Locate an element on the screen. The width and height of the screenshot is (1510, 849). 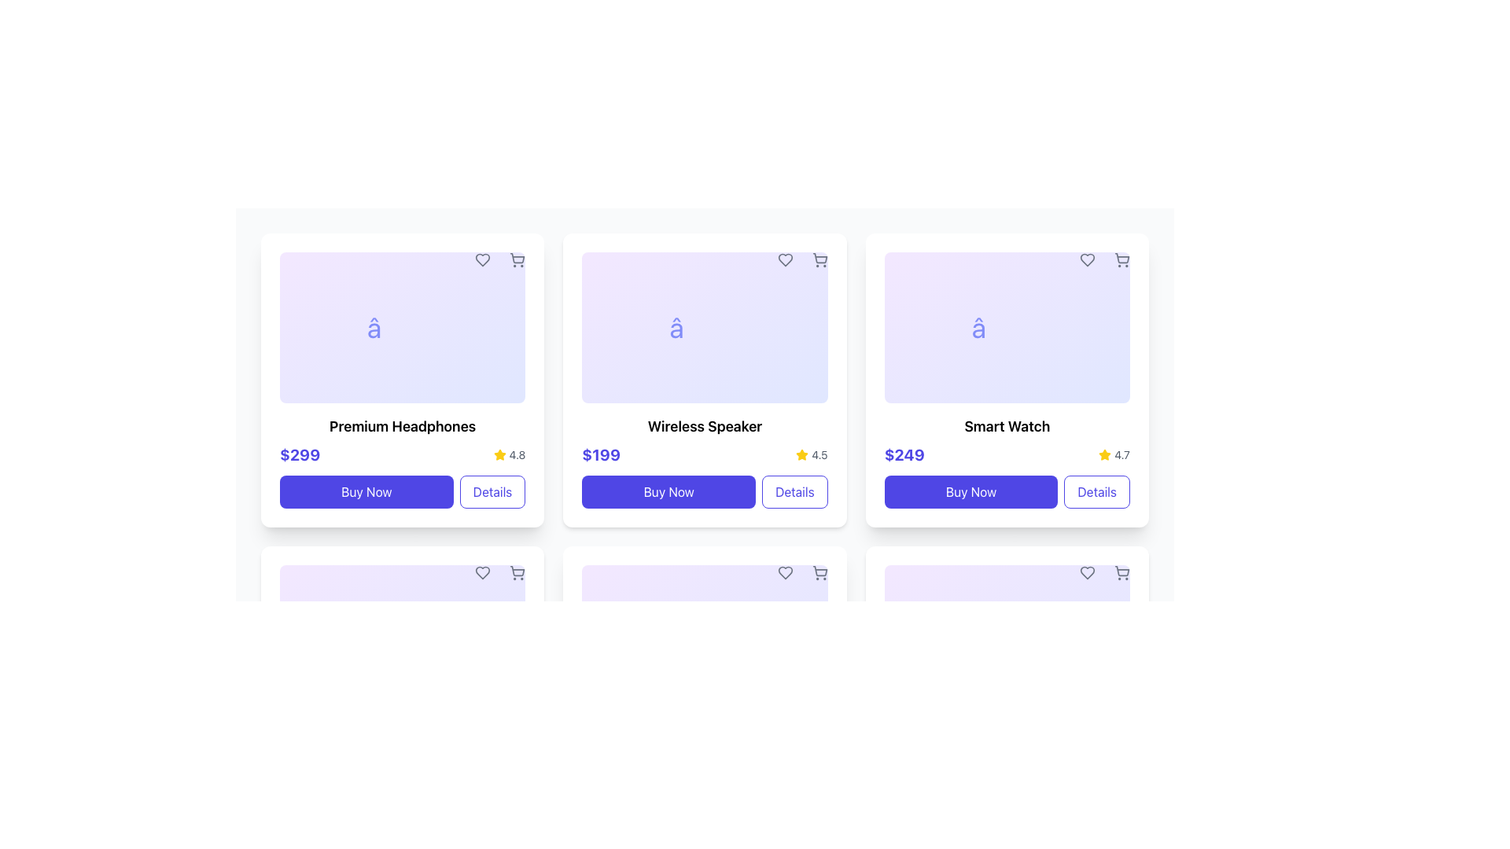
the heart-shaped icon in the top-right corner of the 'Premium Headphones' product card to change its color to red is located at coordinates (482, 259).